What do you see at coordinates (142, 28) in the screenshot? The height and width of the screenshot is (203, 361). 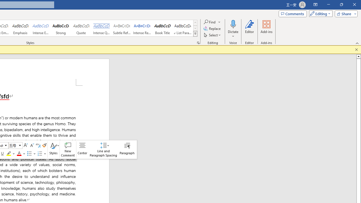 I see `'Intense Reference'` at bounding box center [142, 28].